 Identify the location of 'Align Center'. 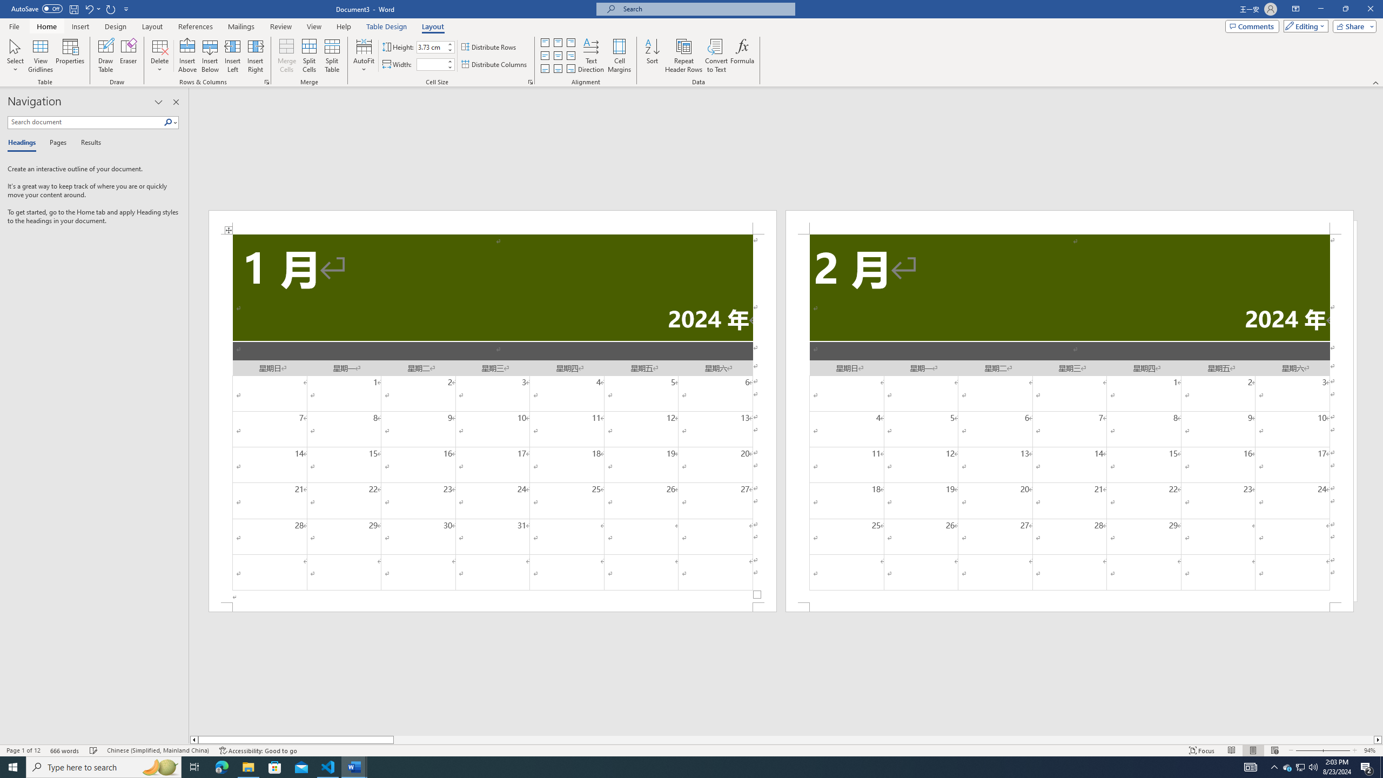
(557, 56).